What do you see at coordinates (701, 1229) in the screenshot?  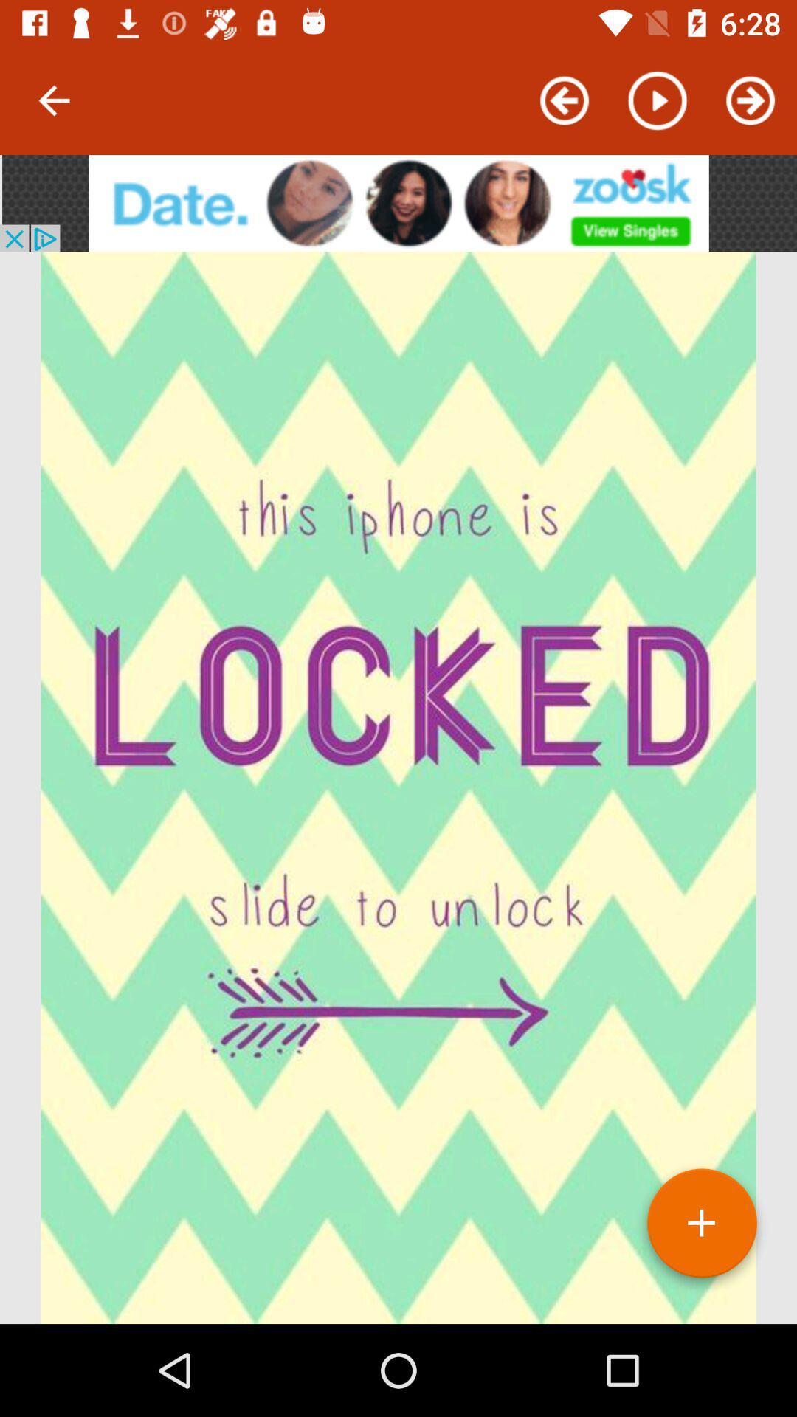 I see `the add icon` at bounding box center [701, 1229].